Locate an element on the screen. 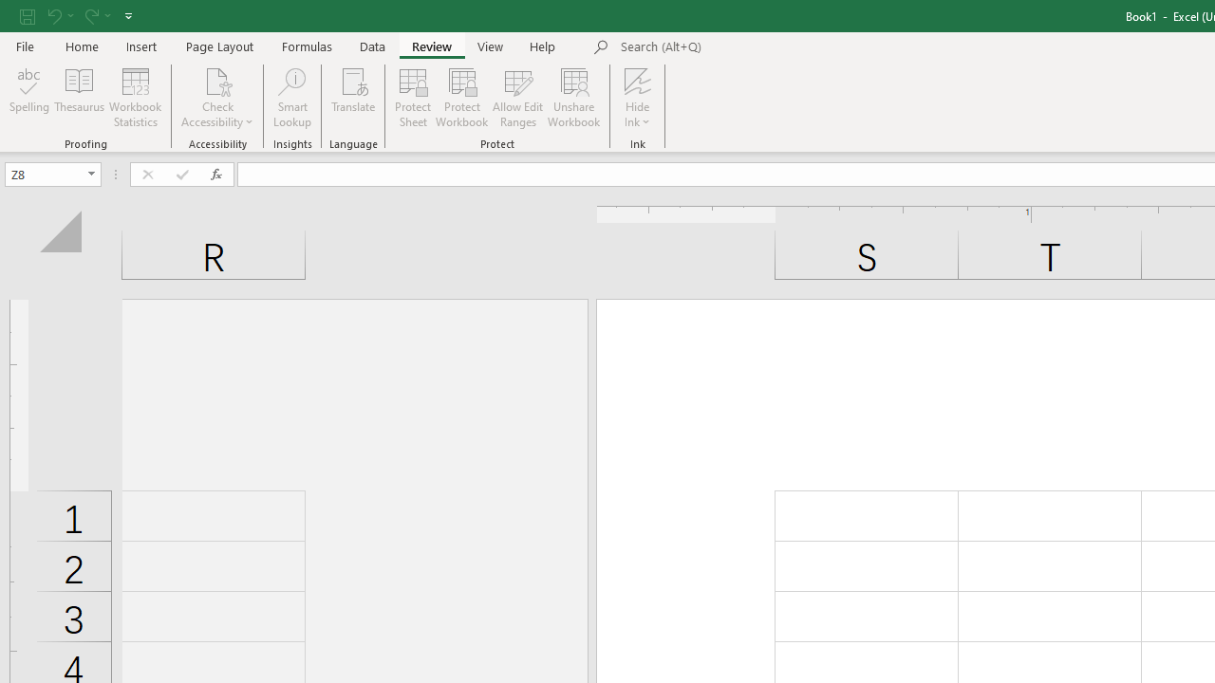 The image size is (1215, 683). 'Smart Lookup' is located at coordinates (291, 98).